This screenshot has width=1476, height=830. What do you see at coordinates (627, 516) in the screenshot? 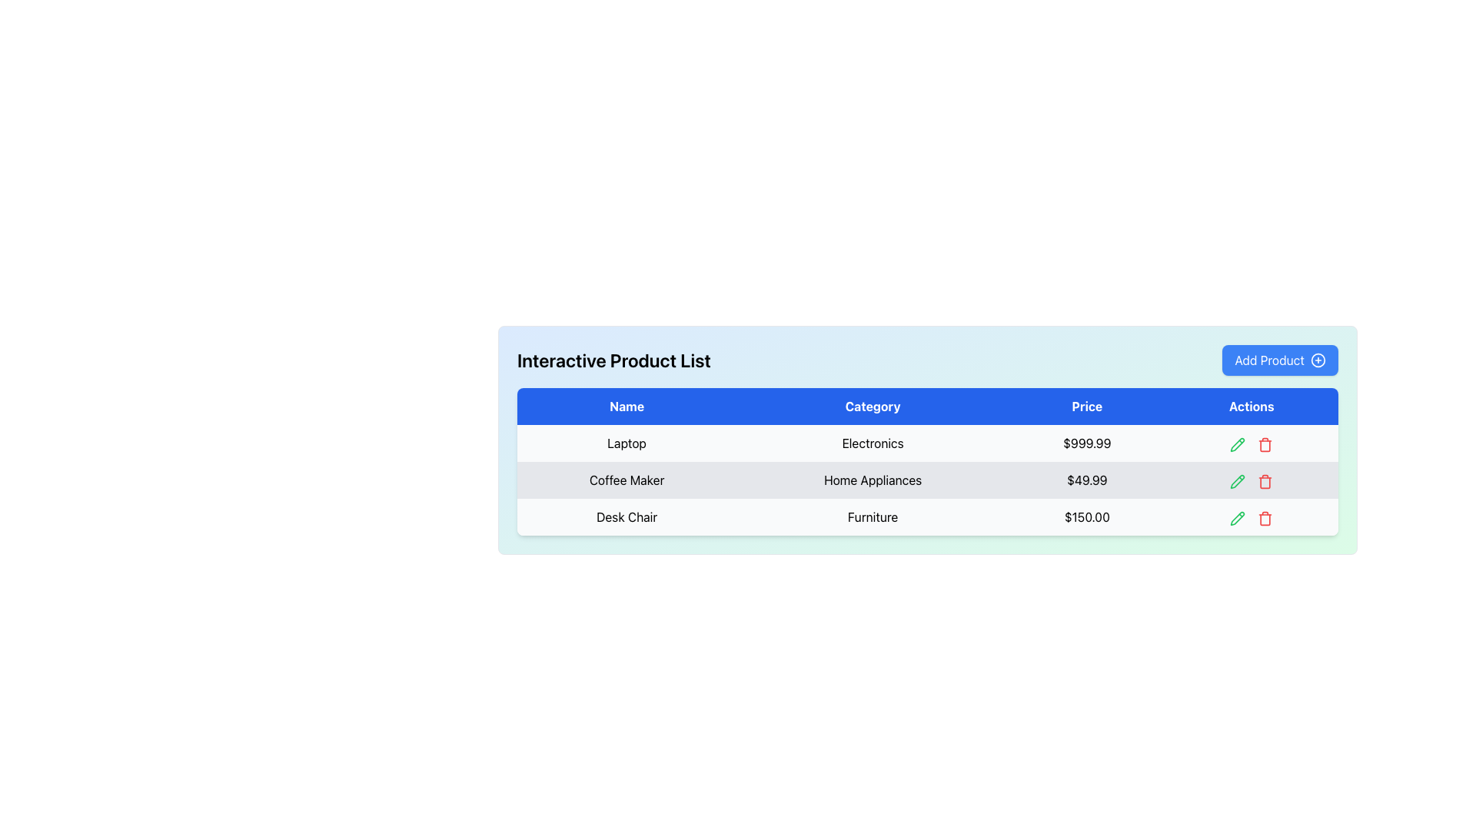
I see `the text element displaying 'Desk Chair' located in the leftmost cell of the third row under the 'Name' column in a tabular layout` at bounding box center [627, 516].